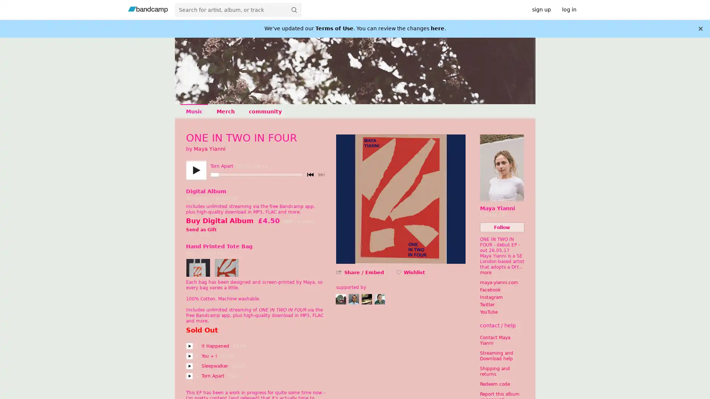 The width and height of the screenshot is (710, 399). I want to click on Next track, so click(321, 175).